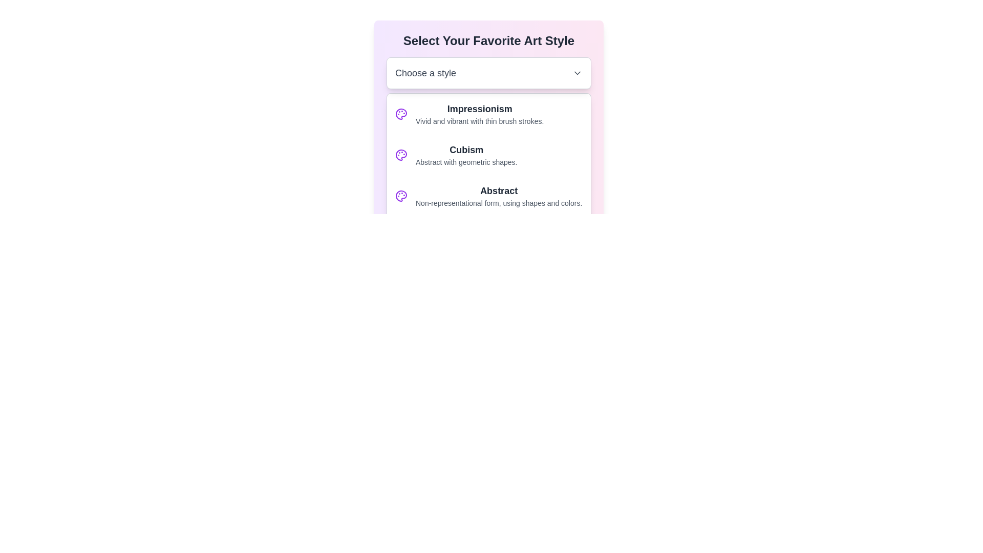 Image resolution: width=983 pixels, height=553 pixels. Describe the element at coordinates (466, 161) in the screenshot. I see `the text label that reads 'Abstract with geometric shapes.' which is styled in small gray font and located beneath the heading 'Cubism'` at that location.